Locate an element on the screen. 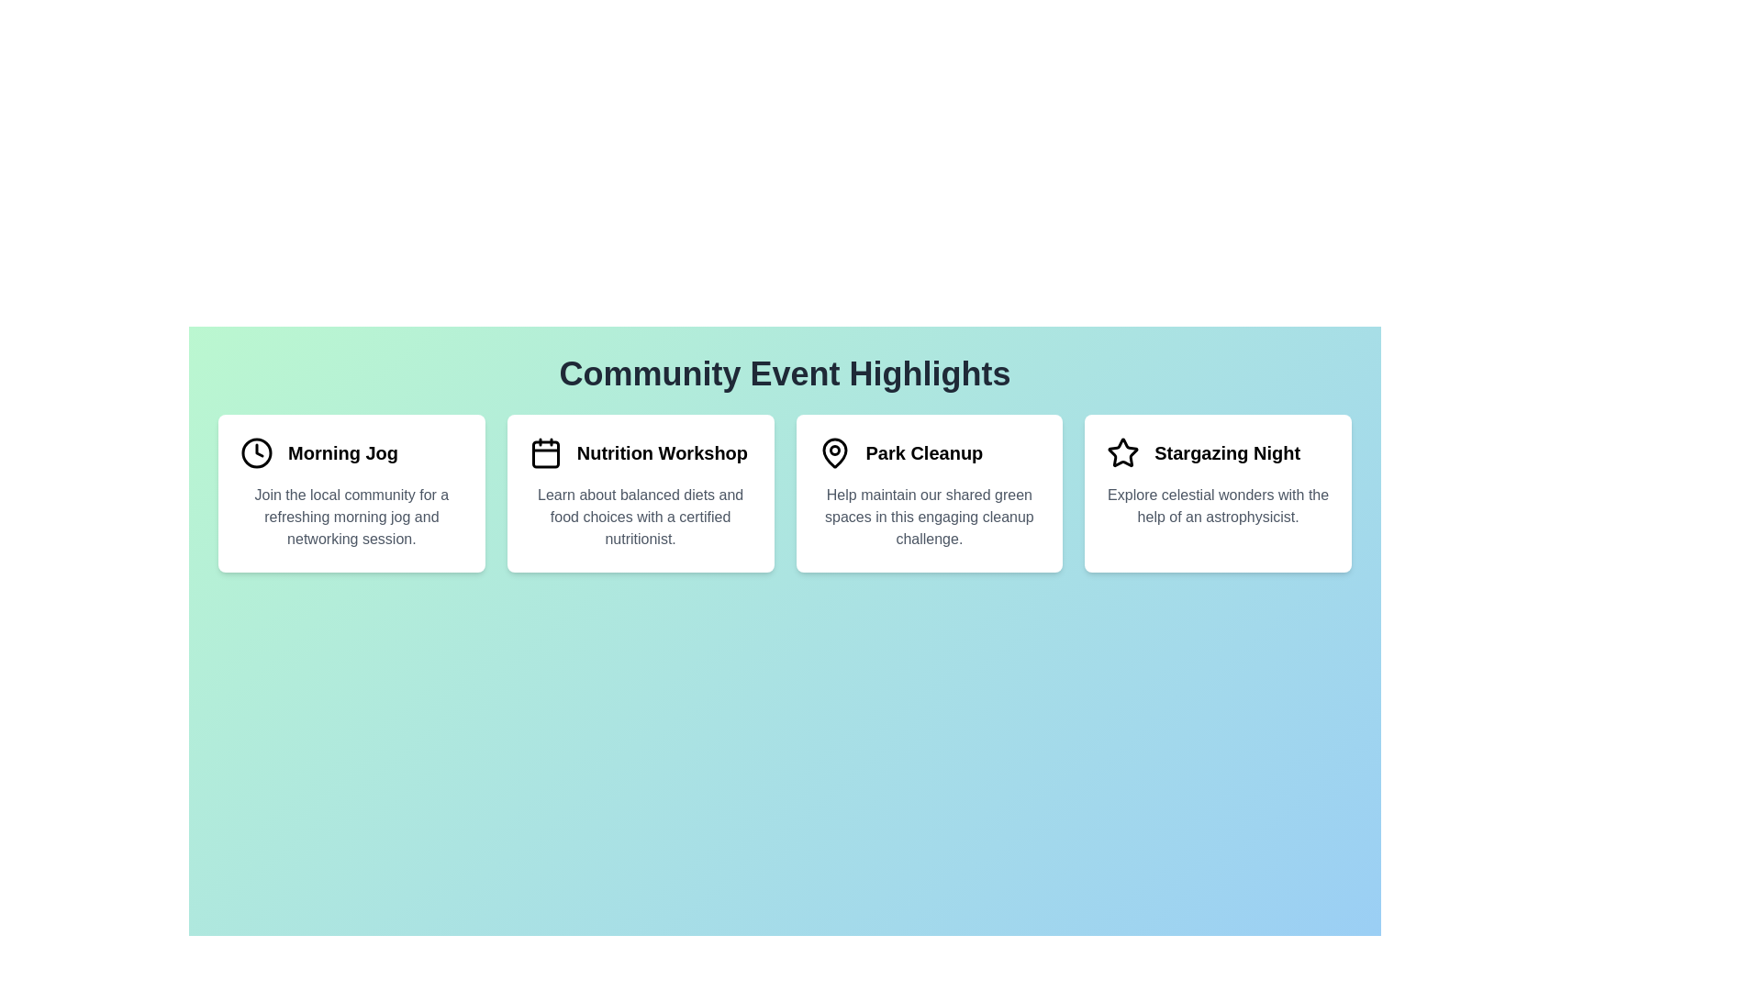 The width and height of the screenshot is (1762, 991). the text label that serves as the title for the event card named 'Morning Jog', which is located towards the top-left of the first card in a grid layout is located at coordinates (343, 452).